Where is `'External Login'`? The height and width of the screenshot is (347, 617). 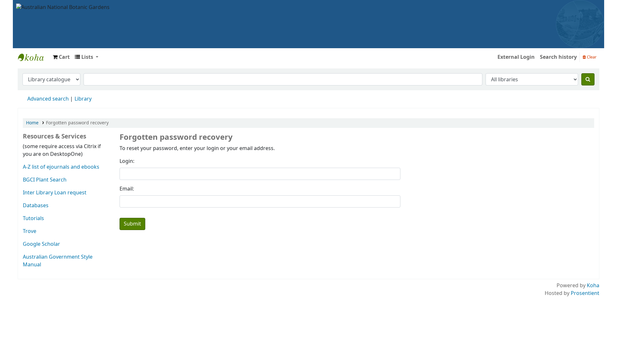
'External Login' is located at coordinates (516, 57).